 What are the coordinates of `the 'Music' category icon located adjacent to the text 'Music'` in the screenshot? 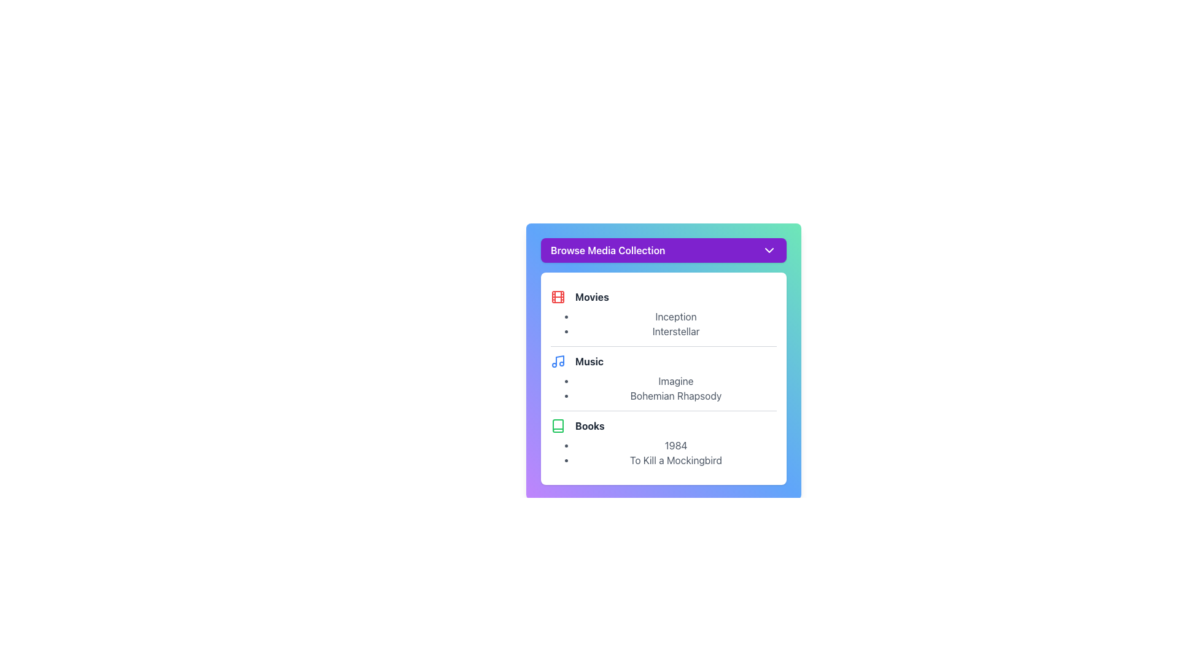 It's located at (557, 361).